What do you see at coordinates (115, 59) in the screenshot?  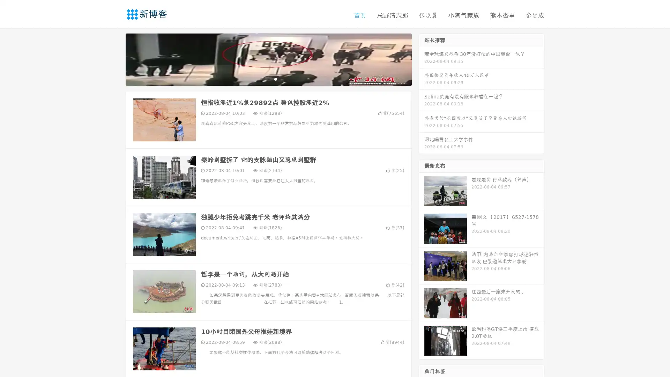 I see `Previous slide` at bounding box center [115, 59].